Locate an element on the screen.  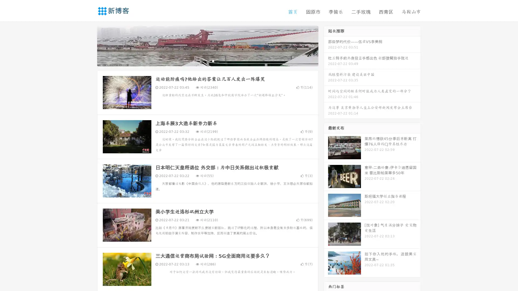
Previous slide is located at coordinates (89, 45).